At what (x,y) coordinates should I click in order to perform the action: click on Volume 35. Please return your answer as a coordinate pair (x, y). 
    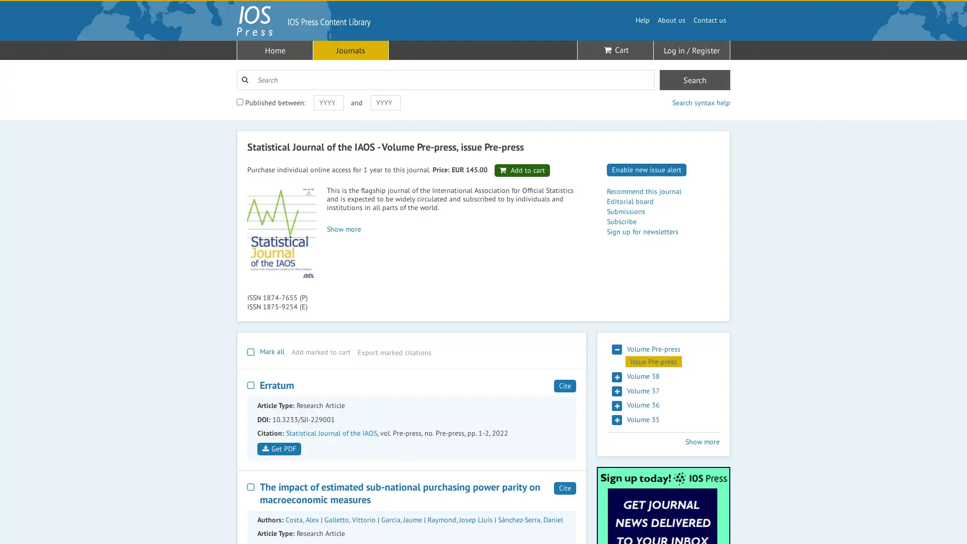
    Looking at the image, I should click on (635, 420).